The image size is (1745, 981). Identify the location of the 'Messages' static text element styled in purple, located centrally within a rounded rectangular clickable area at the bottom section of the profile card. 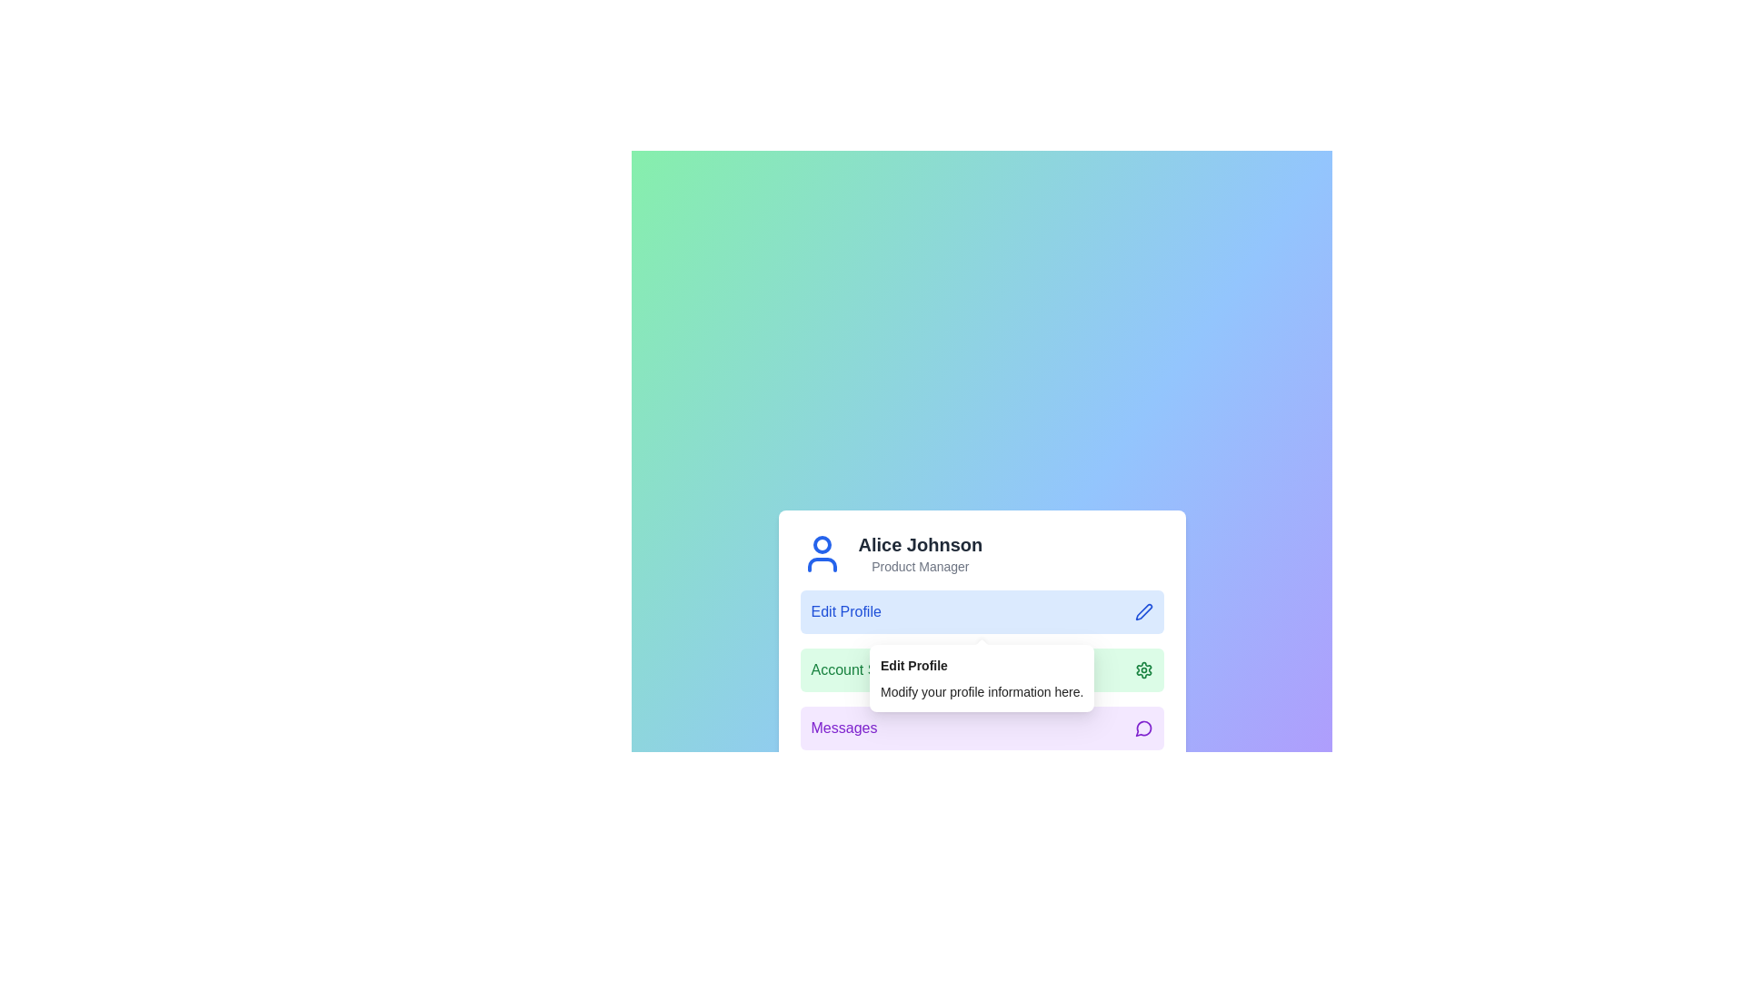
(843, 728).